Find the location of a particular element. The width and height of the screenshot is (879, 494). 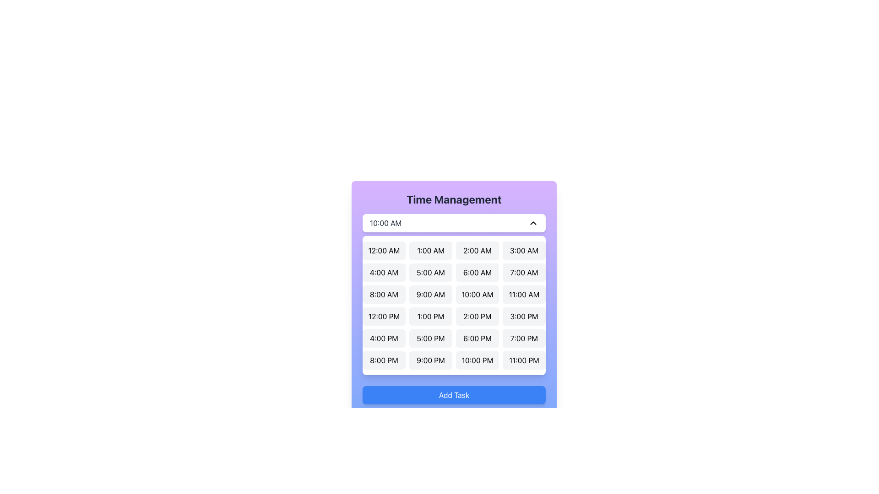

keyboard navigation is located at coordinates (524, 338).